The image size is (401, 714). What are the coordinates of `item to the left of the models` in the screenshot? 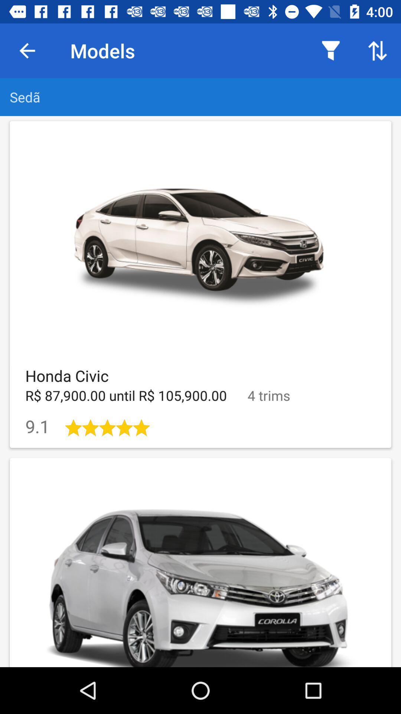 It's located at (27, 50).